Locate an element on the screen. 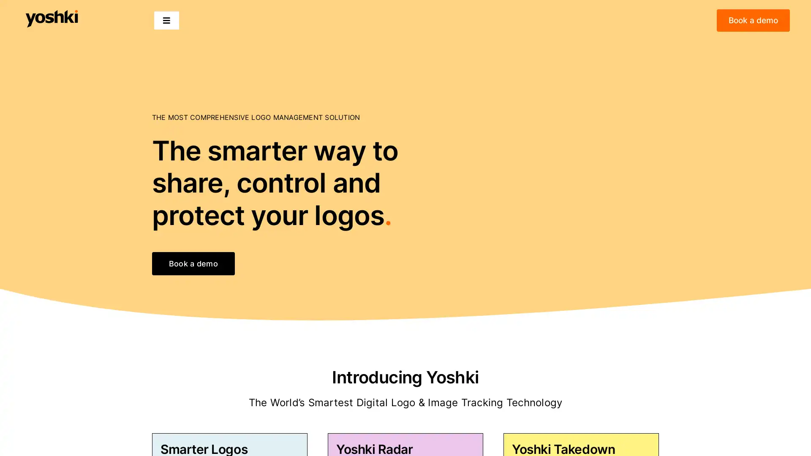 The width and height of the screenshot is (811, 456). Toggle Navigation is located at coordinates (166, 20).